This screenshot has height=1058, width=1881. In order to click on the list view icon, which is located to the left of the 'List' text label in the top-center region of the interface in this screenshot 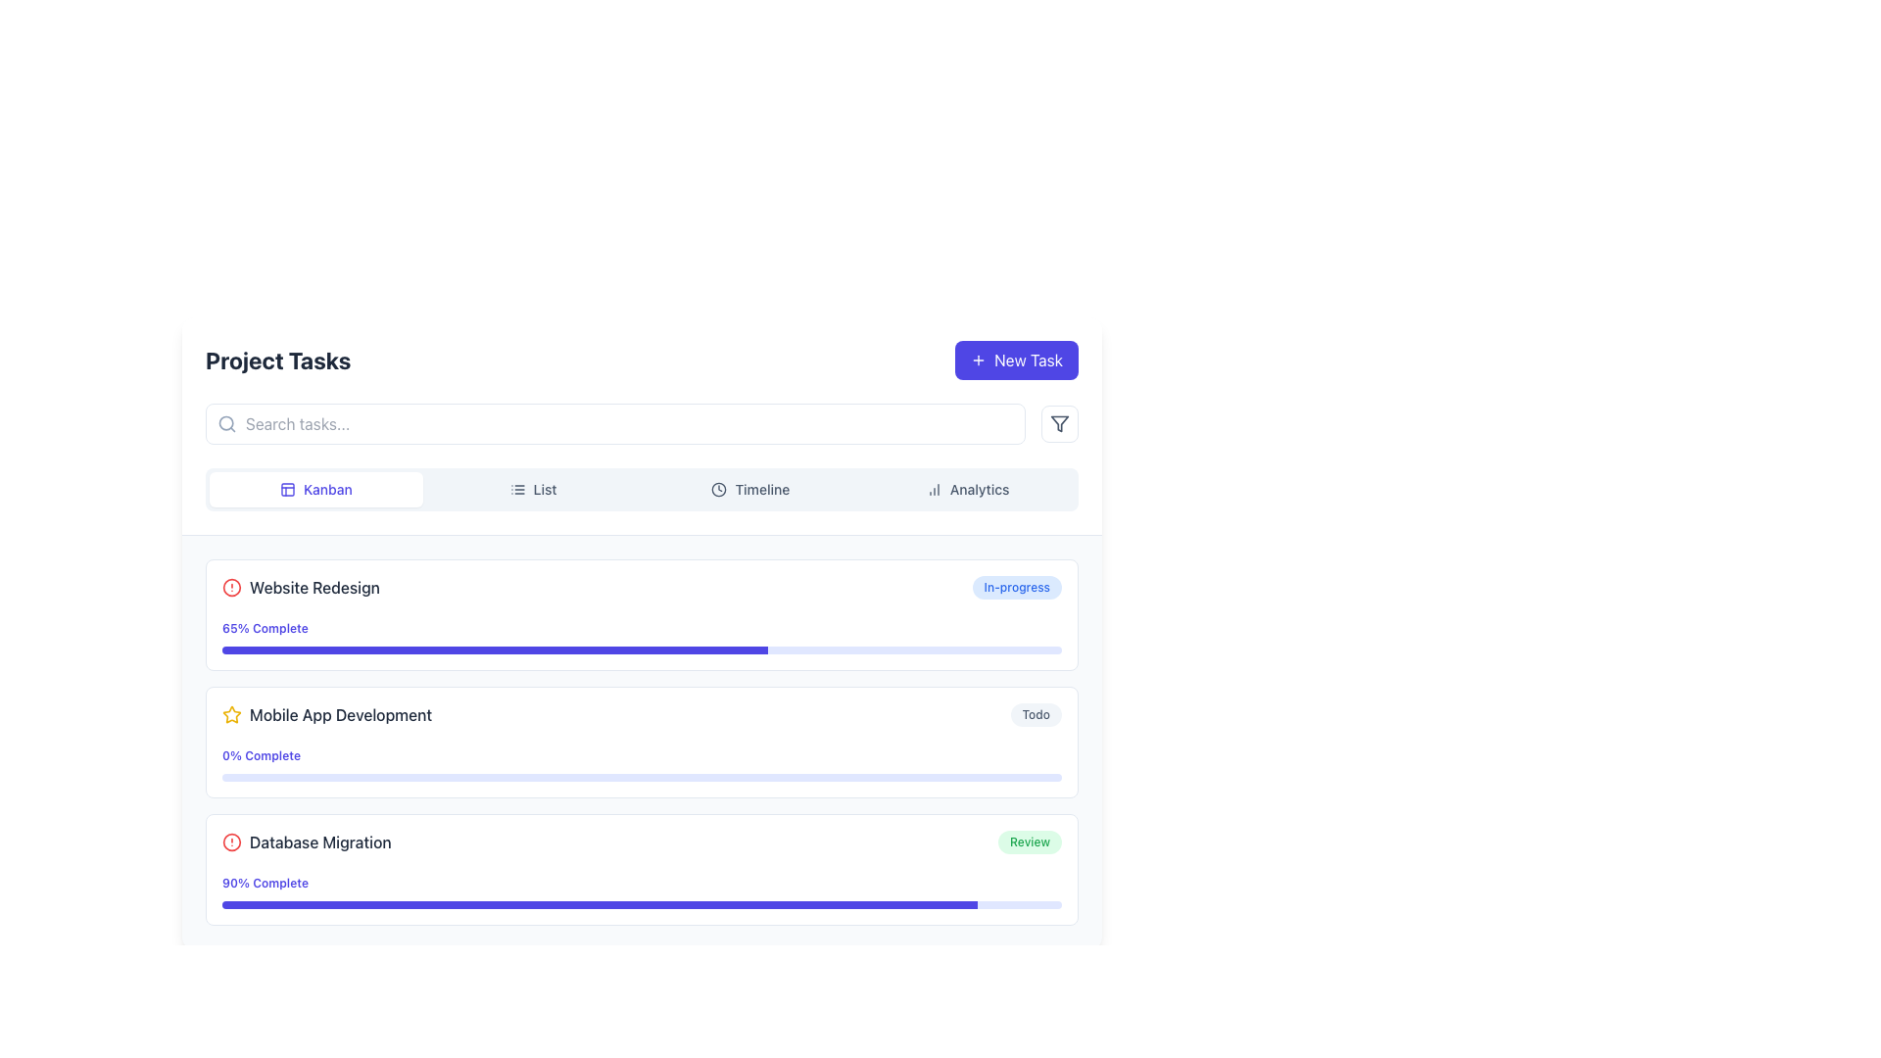, I will do `click(517, 489)`.